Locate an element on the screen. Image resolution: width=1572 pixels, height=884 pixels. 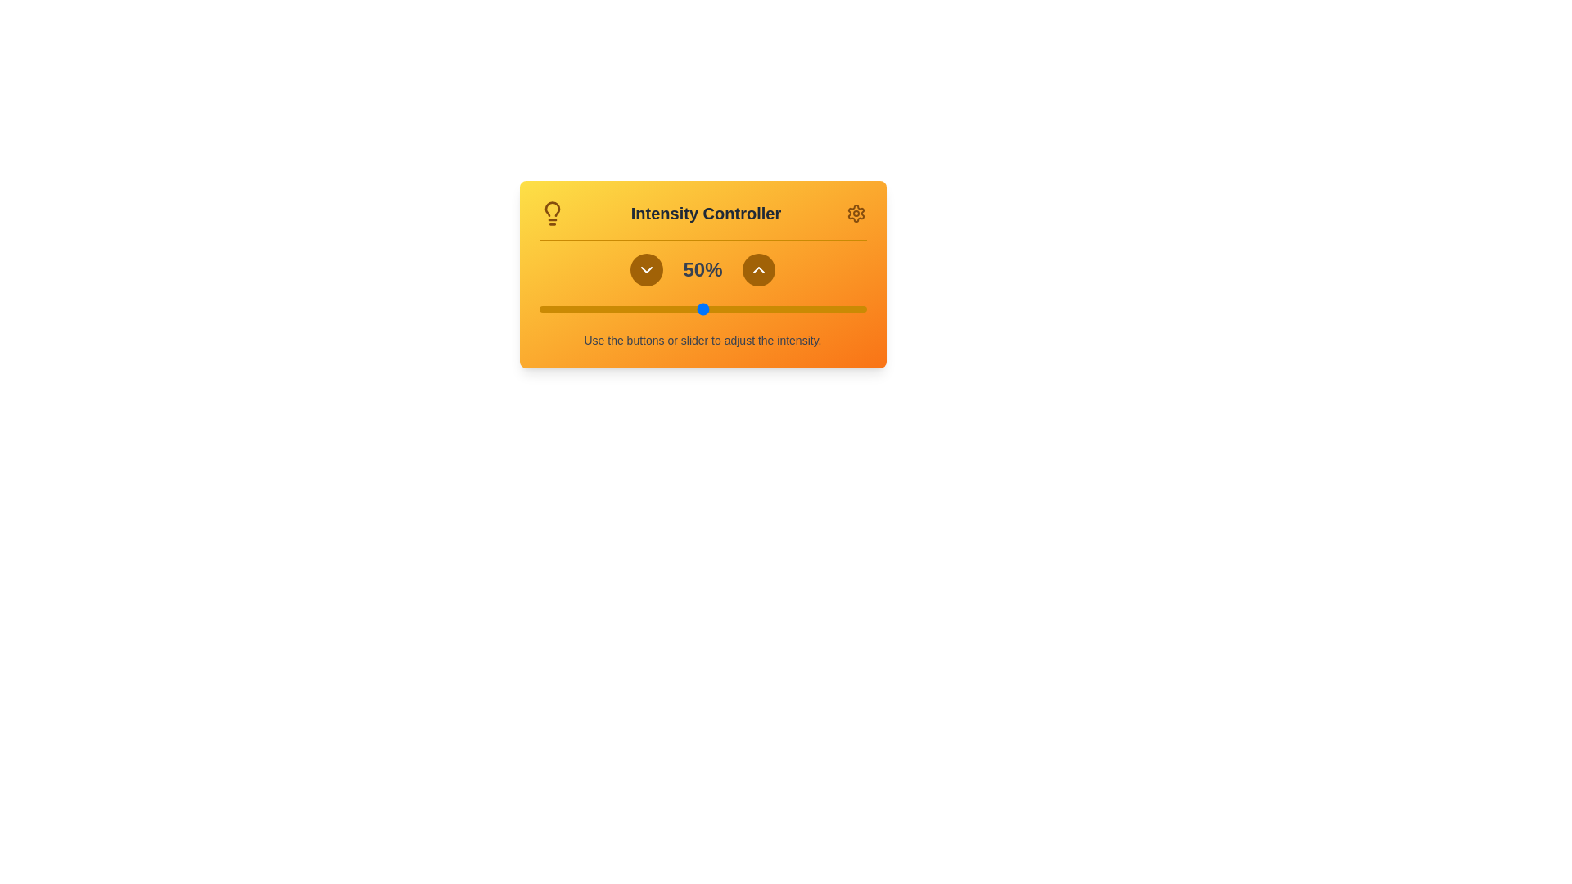
the intensity increase button is located at coordinates (757, 269).